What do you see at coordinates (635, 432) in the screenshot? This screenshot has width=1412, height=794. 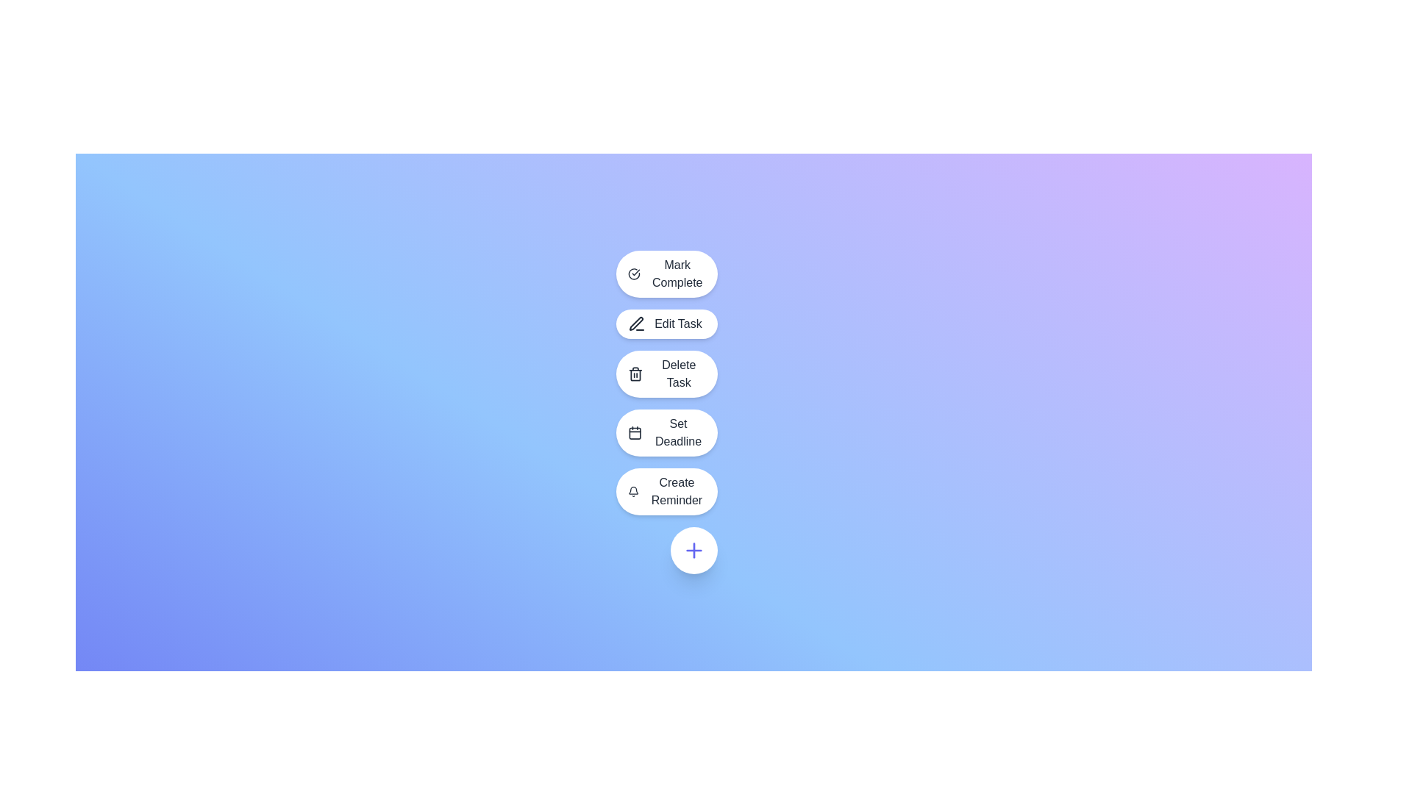 I see `the 'Set Deadline' button containing the calendar icon` at bounding box center [635, 432].